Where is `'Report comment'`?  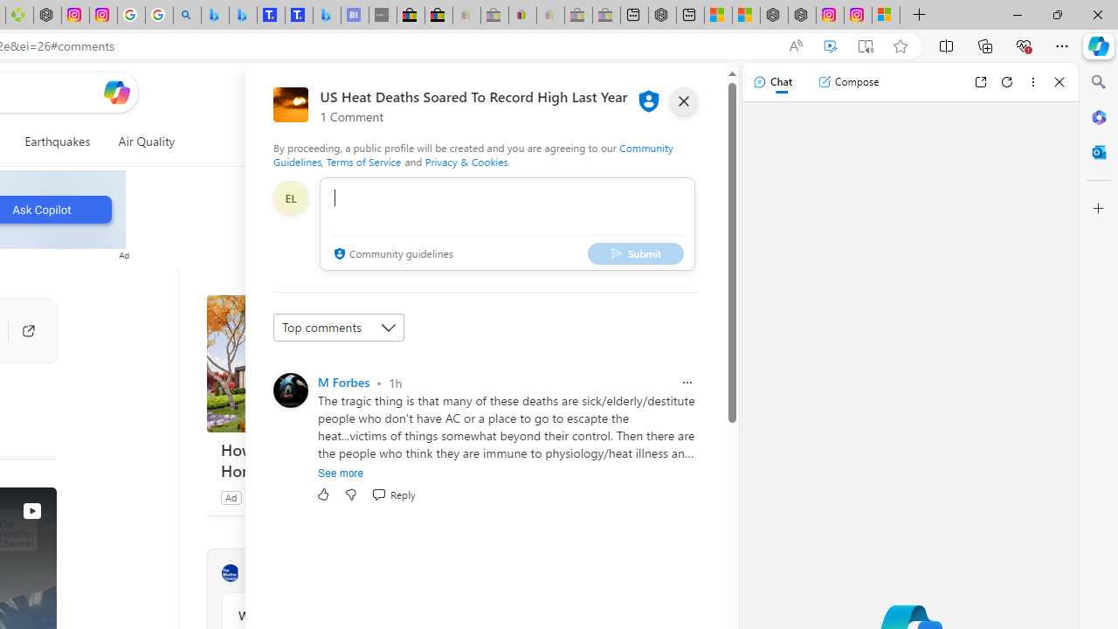 'Report comment' is located at coordinates (686, 382).